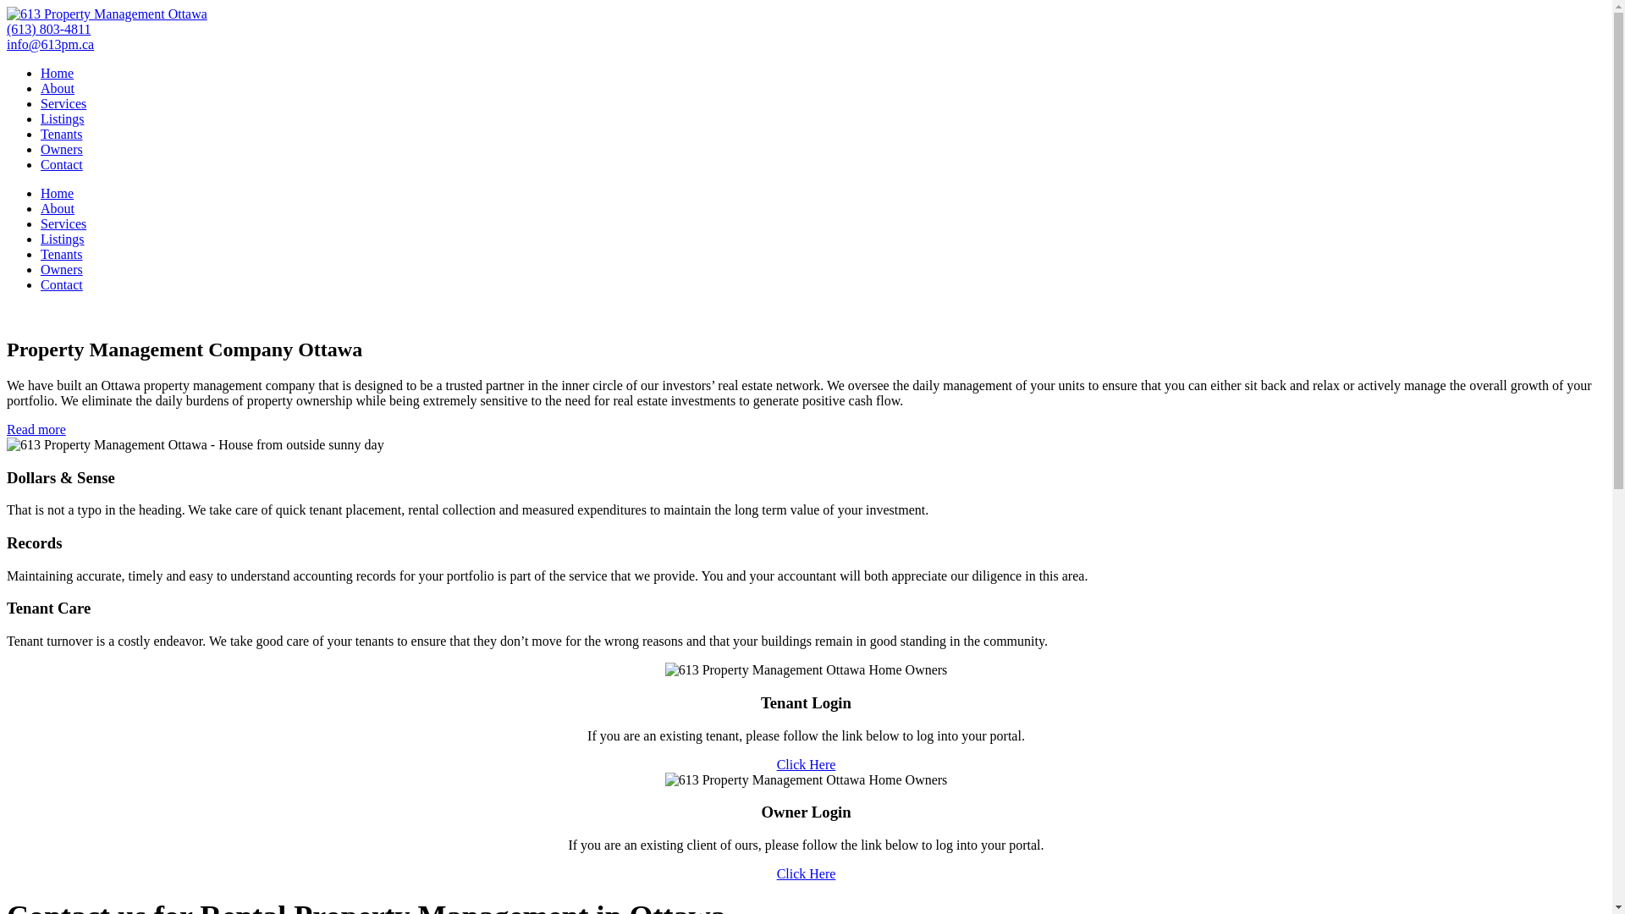 This screenshot has width=1625, height=914. I want to click on 'Owners', so click(61, 148).